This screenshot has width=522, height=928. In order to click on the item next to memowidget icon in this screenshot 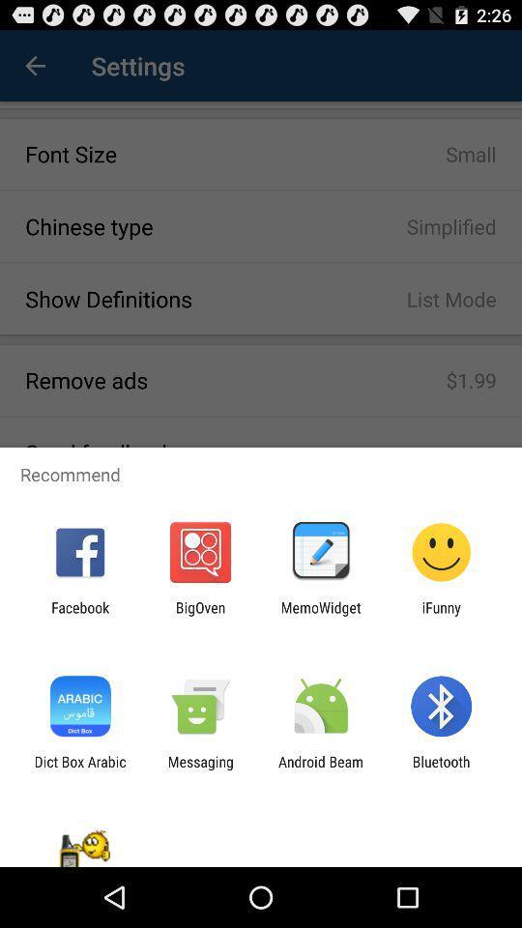, I will do `click(441, 615)`.